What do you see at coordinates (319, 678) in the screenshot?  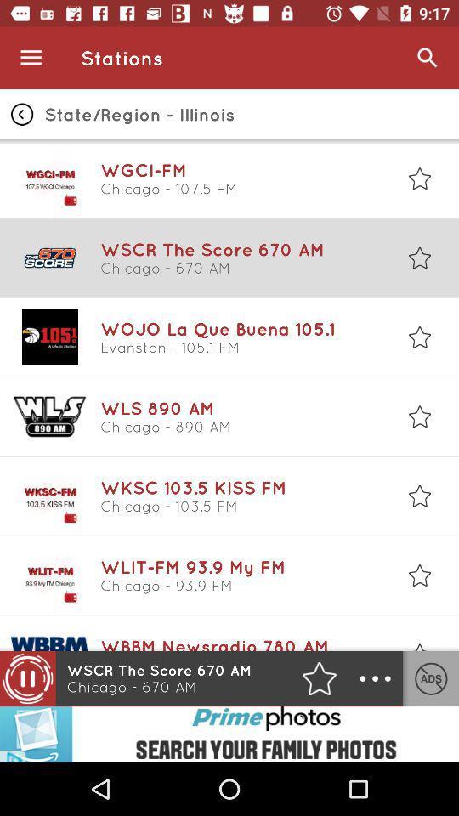 I see `the star icon` at bounding box center [319, 678].